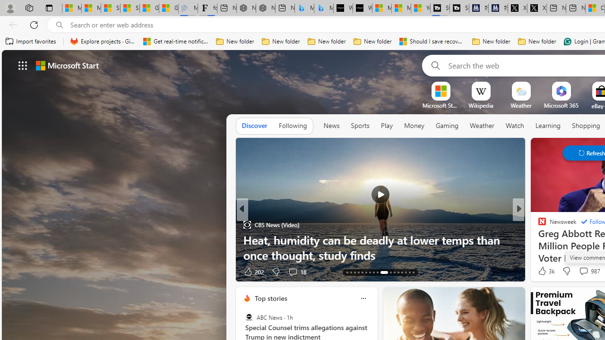 Image resolution: width=605 pixels, height=340 pixels. Describe the element at coordinates (359, 126) in the screenshot. I see `'Sports'` at that location.